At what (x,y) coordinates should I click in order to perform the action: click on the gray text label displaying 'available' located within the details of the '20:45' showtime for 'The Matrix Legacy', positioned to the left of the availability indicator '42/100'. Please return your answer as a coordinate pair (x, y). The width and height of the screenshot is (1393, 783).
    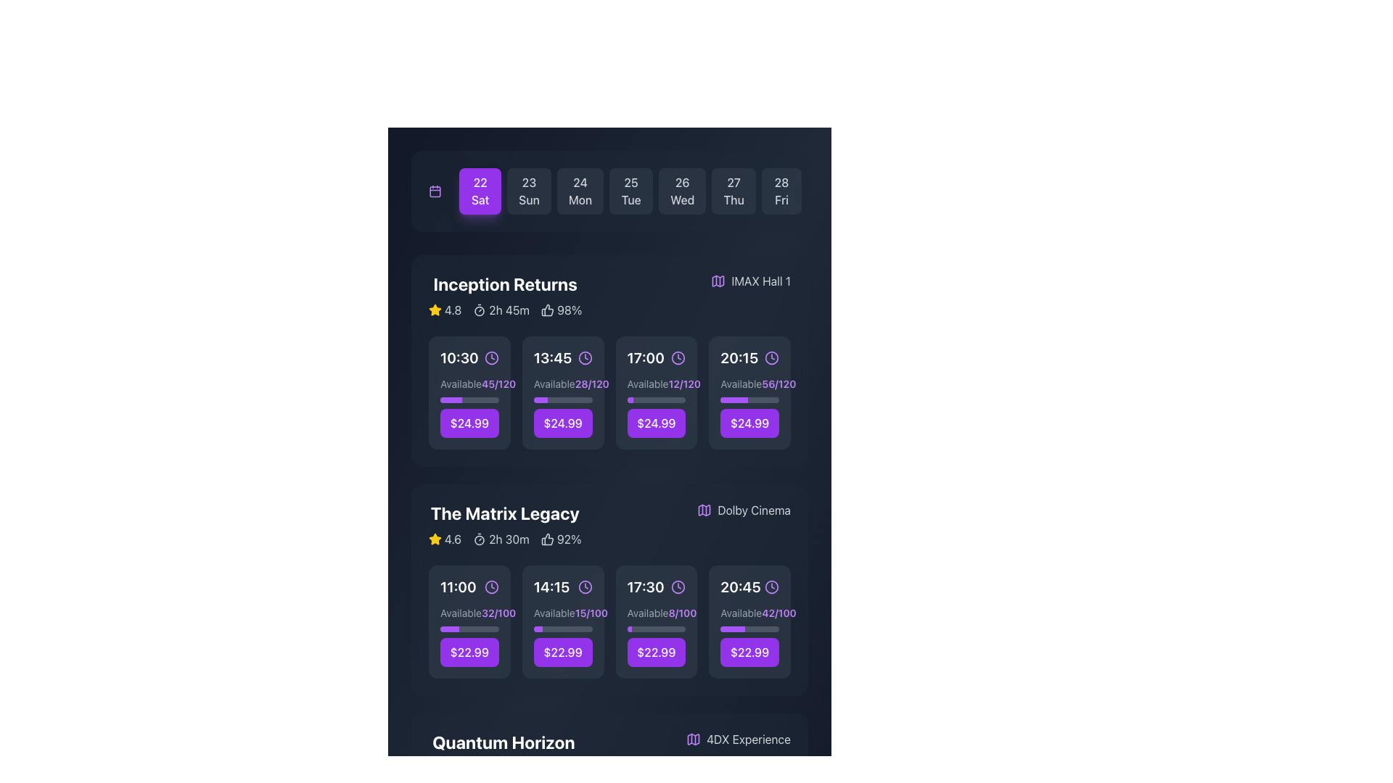
    Looking at the image, I should click on (741, 613).